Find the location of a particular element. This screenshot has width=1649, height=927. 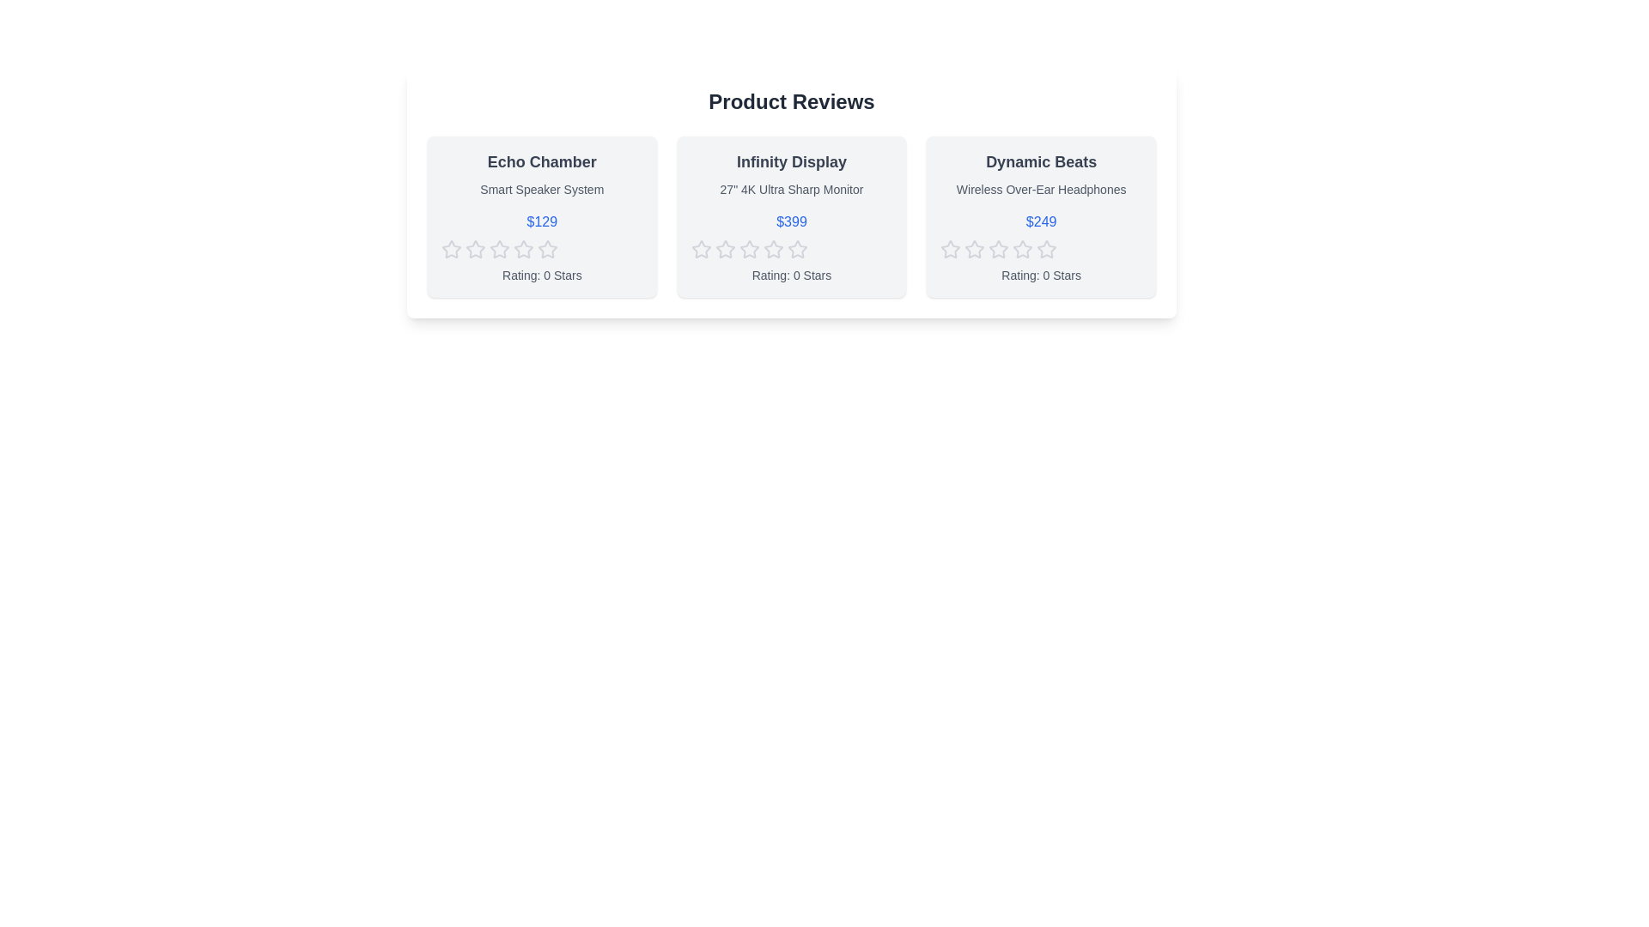

each star icon in the interactive rating stars component located under the price '$399' for the 'Infinity Display' product is located at coordinates (790, 249).